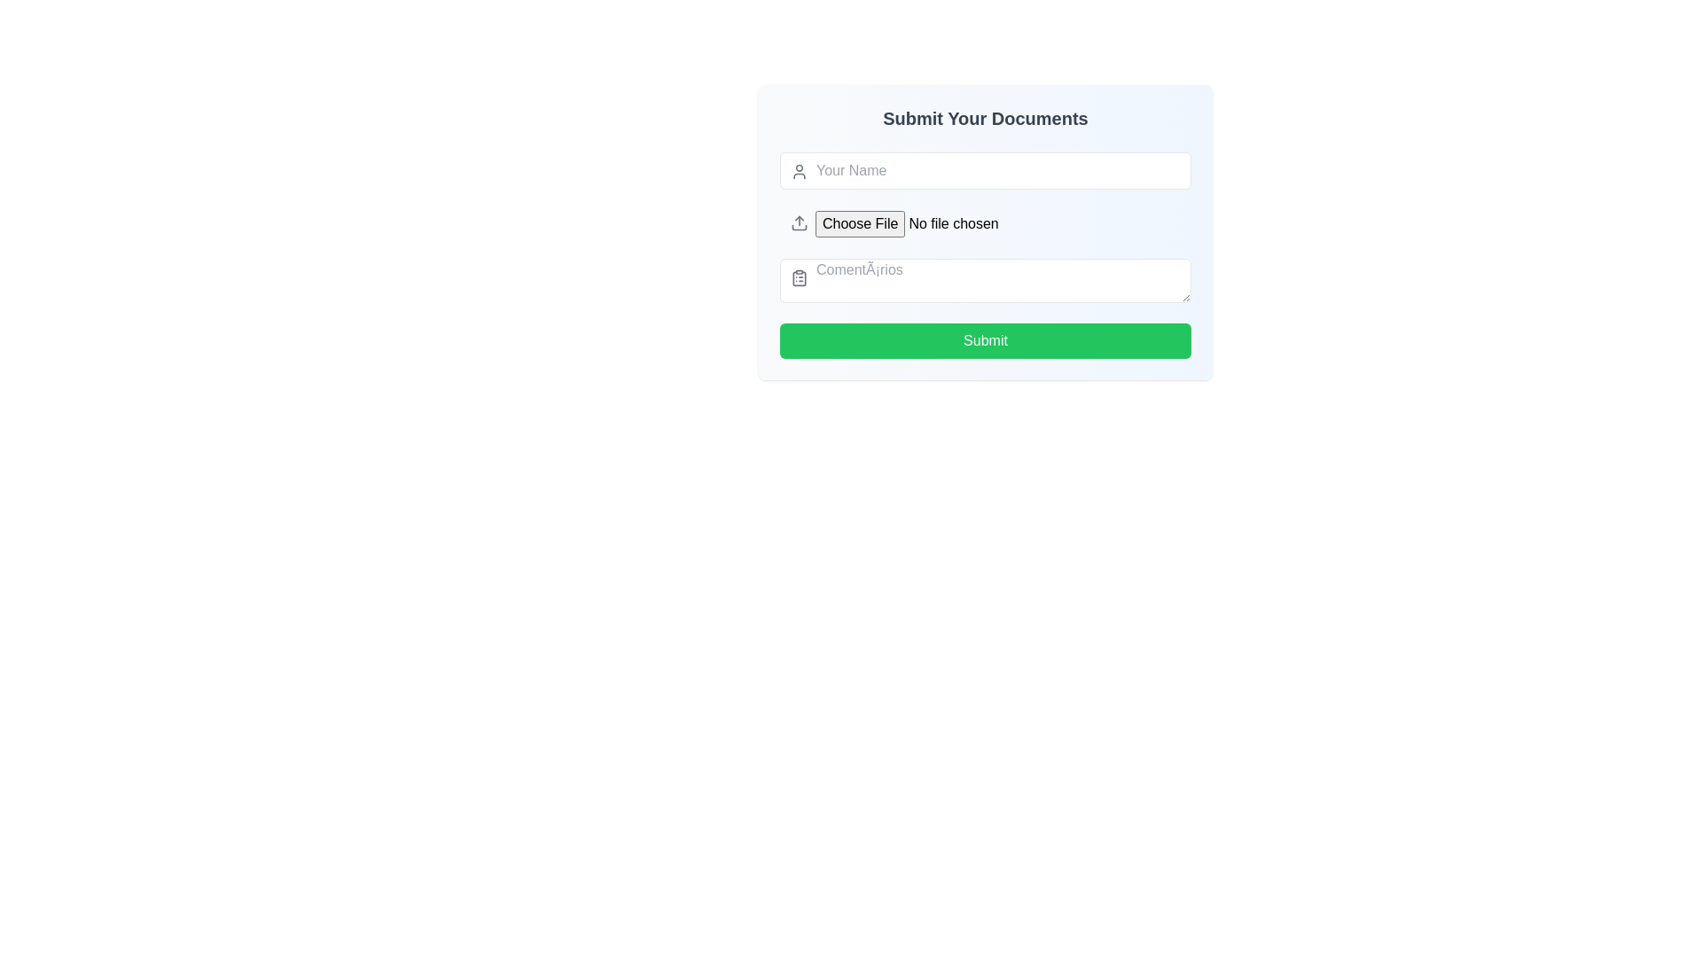 The width and height of the screenshot is (1702, 957). Describe the element at coordinates (799, 171) in the screenshot. I see `the user silhouette icon, which is gray and located to the left of the input field labeled 'Your Name'` at that location.